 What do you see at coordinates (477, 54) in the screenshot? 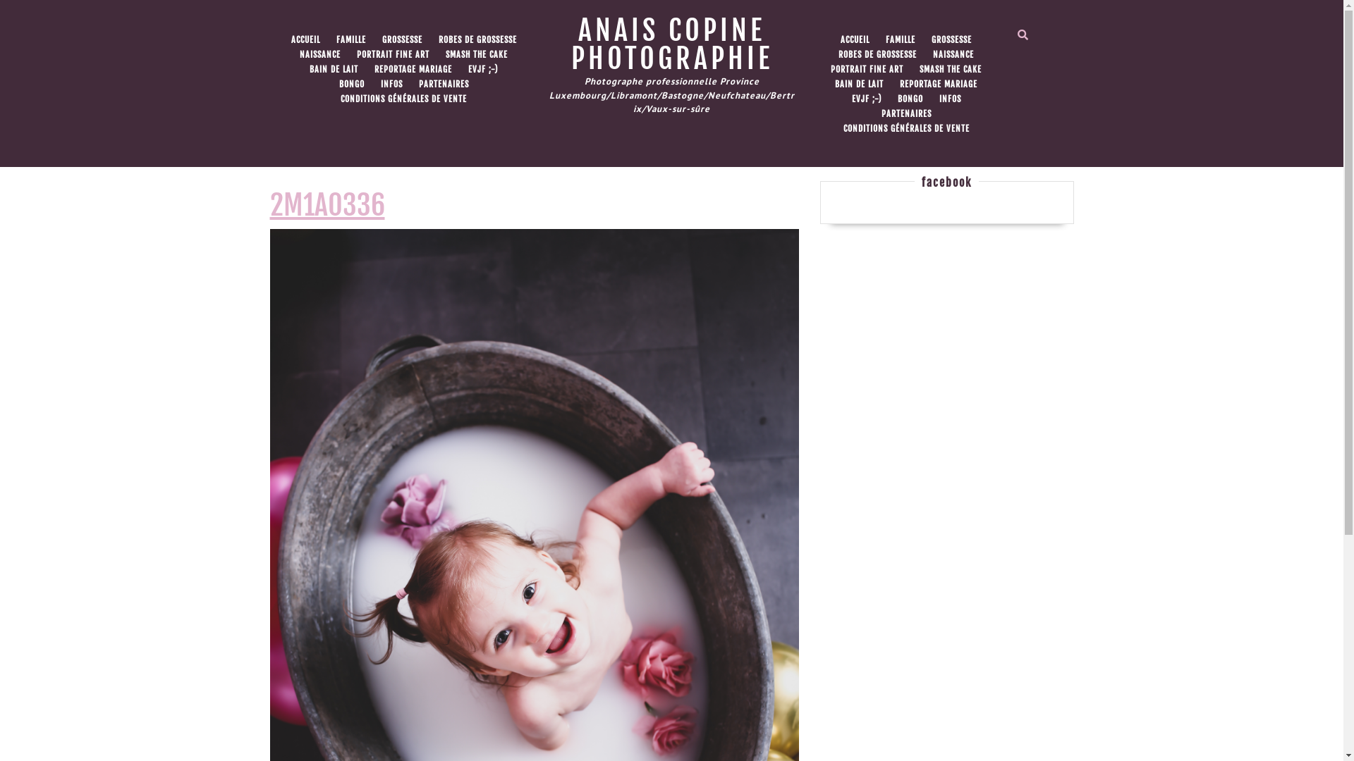
I see `'SMASH THE CAKE'` at bounding box center [477, 54].